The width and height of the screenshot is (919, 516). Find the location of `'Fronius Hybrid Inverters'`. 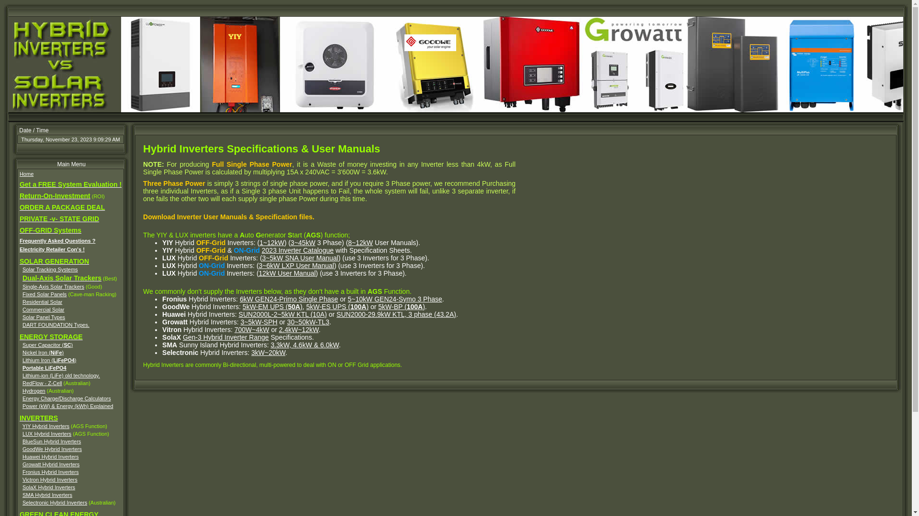

'Fronius Hybrid Inverters' is located at coordinates (50, 471).